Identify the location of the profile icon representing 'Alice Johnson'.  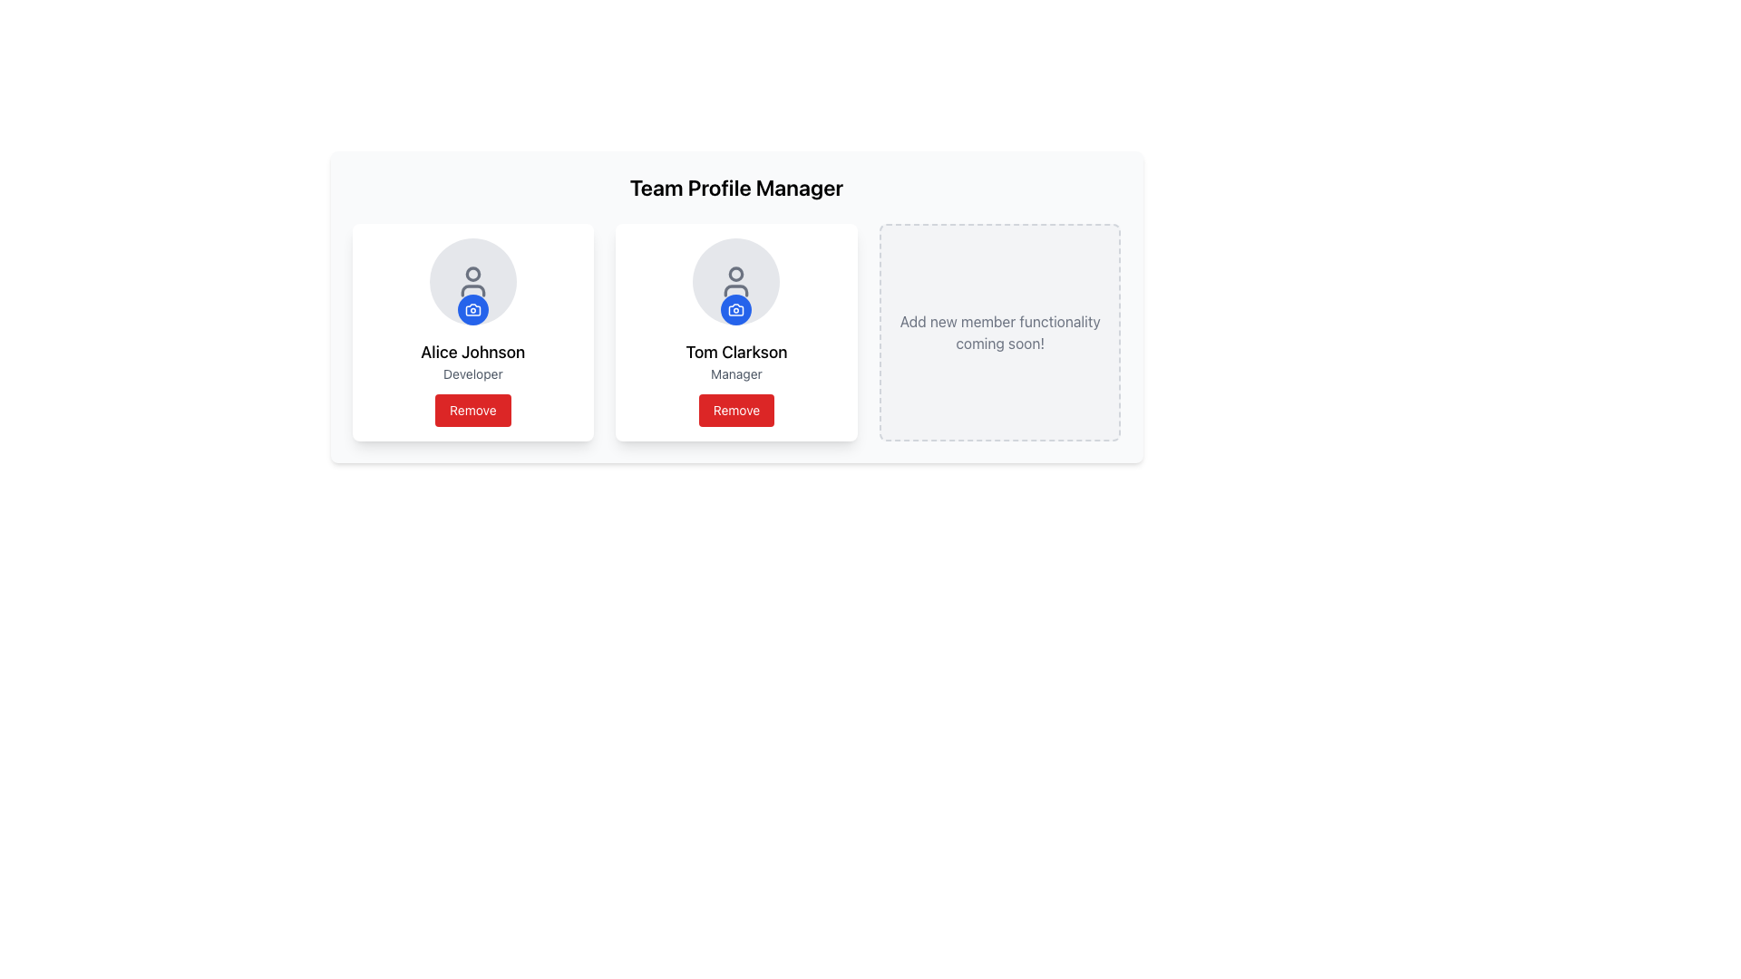
(472, 282).